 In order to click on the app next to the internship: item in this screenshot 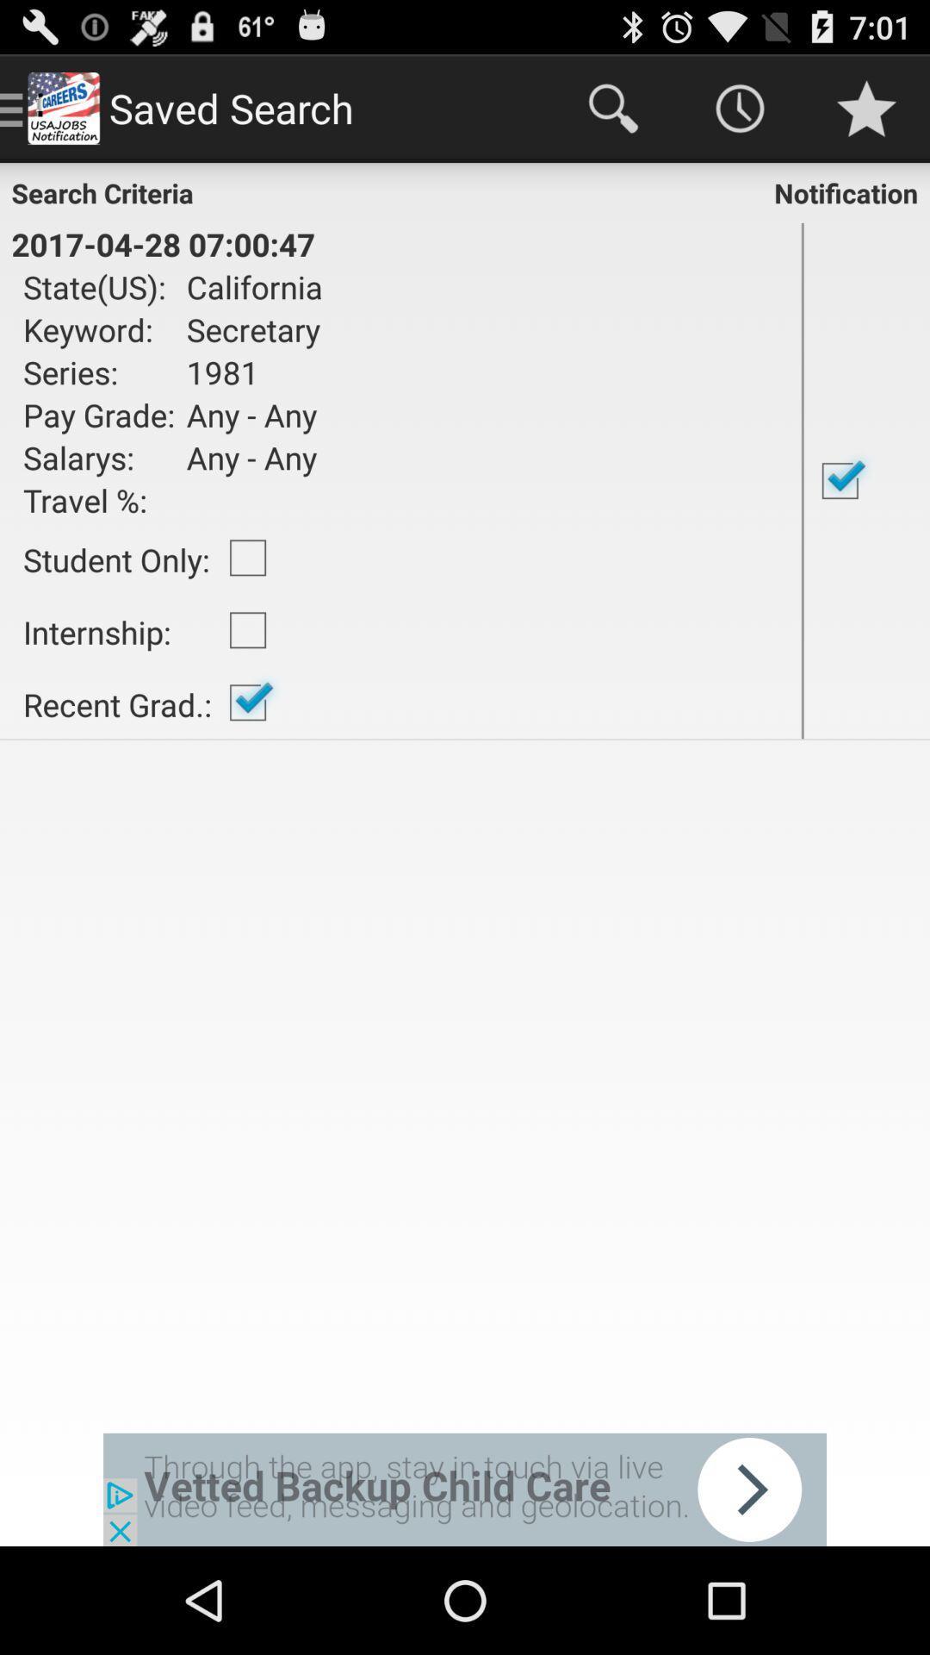, I will do `click(248, 703)`.